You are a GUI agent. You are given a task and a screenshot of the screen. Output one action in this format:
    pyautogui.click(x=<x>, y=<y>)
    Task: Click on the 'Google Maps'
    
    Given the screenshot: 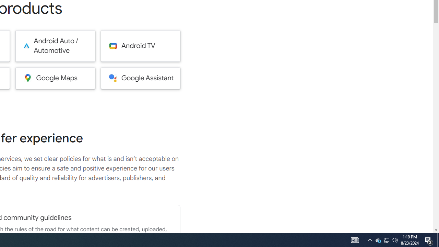 What is the action you would take?
    pyautogui.click(x=55, y=78)
    